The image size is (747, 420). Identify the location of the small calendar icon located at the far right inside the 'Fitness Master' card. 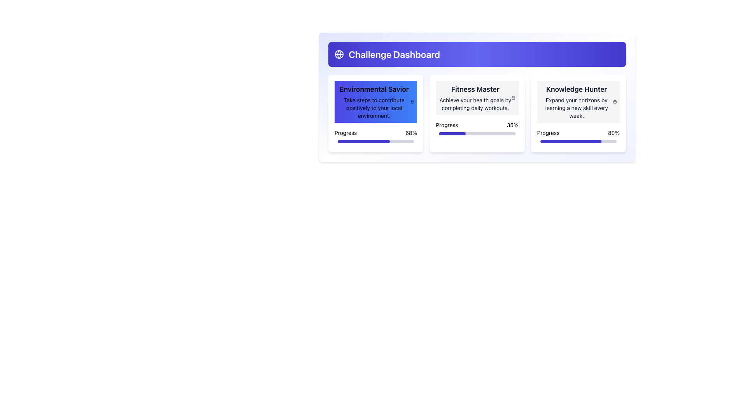
(513, 97).